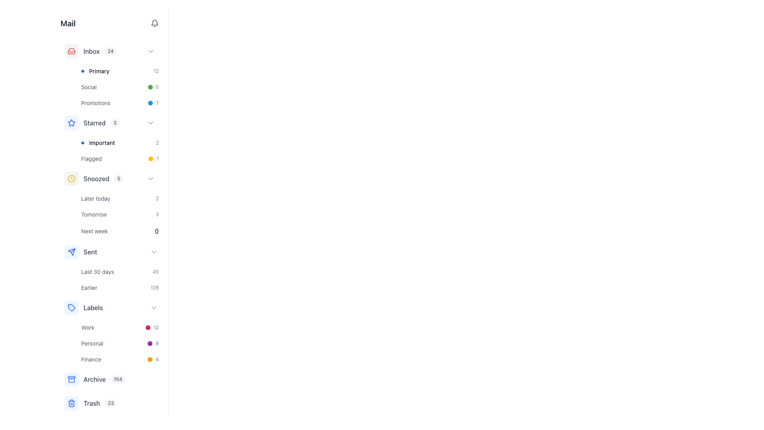  Describe the element at coordinates (103, 178) in the screenshot. I see `the Sidebar menu item labeled 'Snoozed', which features a badge indicating the count of snoozed emails` at that location.